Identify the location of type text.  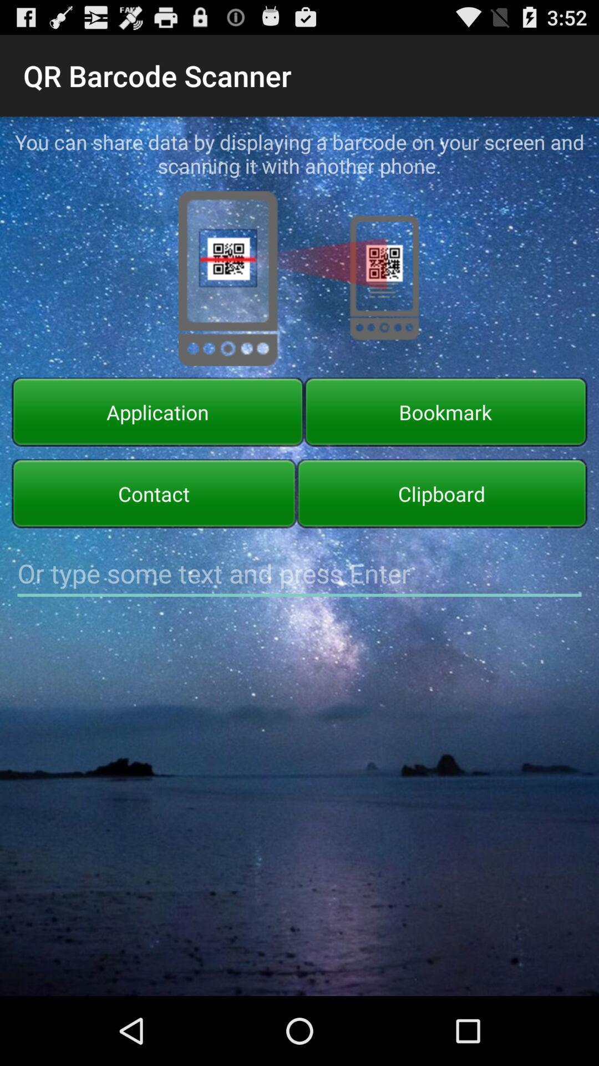
(299, 574).